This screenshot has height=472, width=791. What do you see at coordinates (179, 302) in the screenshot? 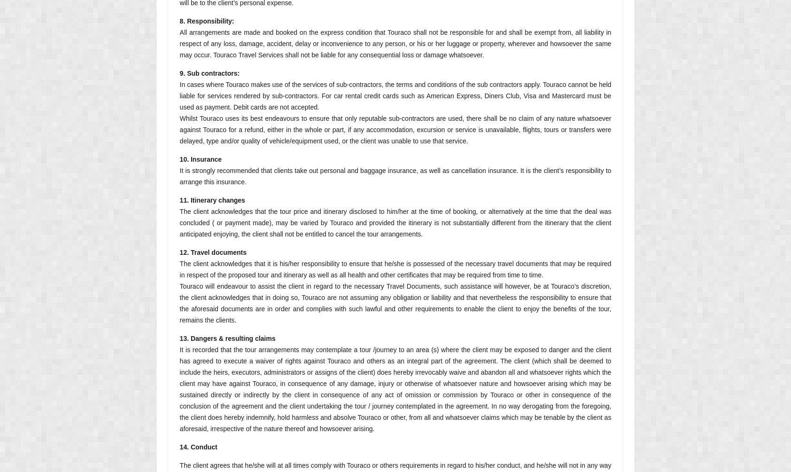
I see `'Touraco will endeavour to assist the client in regard to the necessary Travel Documents, such assistance will however, be at Touraco’s discretion, the client acknowledges that in doing so, Touraco are not assuming any obligation or liability and that nevertheless the responsibility to ensure that the aforesaid documents are in order and complies with such lawful and other requirements to enable the client to enjoy the benefits of the tour, remains the clients.'` at bounding box center [179, 302].